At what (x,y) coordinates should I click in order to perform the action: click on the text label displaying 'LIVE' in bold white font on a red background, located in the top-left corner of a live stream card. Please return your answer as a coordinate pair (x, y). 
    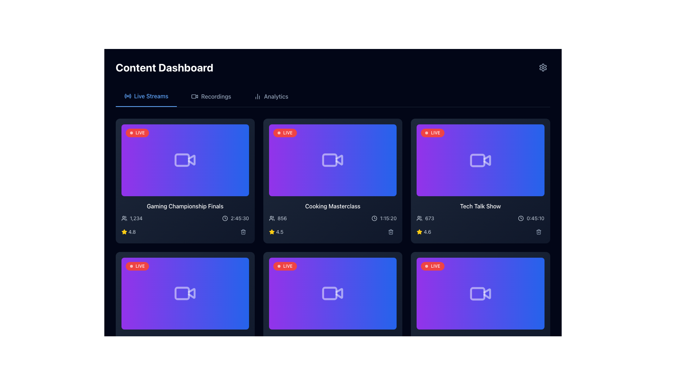
    Looking at the image, I should click on (140, 133).